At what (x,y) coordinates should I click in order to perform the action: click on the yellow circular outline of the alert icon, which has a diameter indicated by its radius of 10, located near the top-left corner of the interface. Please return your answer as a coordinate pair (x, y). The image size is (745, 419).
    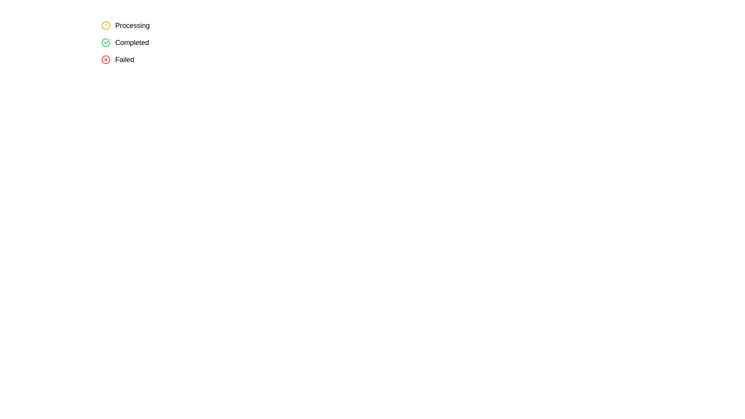
    Looking at the image, I should click on (106, 25).